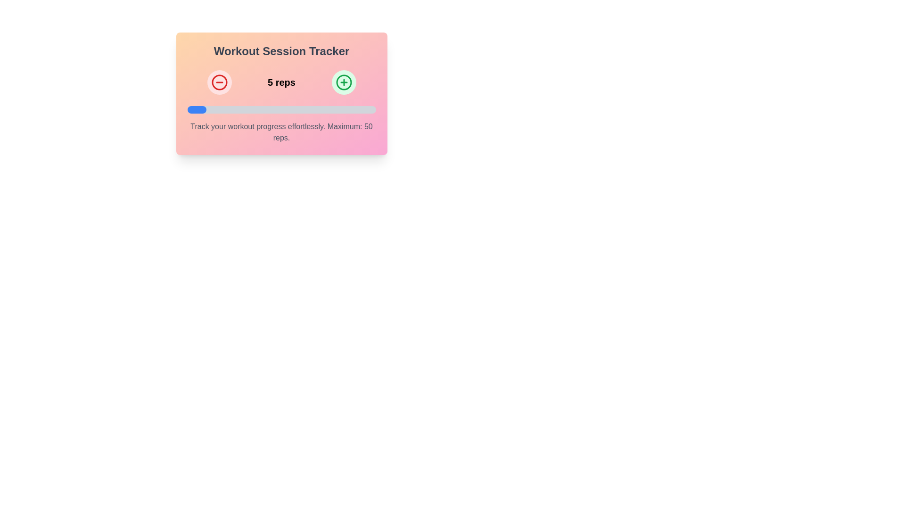  Describe the element at coordinates (205, 109) in the screenshot. I see `the slider` at that location.